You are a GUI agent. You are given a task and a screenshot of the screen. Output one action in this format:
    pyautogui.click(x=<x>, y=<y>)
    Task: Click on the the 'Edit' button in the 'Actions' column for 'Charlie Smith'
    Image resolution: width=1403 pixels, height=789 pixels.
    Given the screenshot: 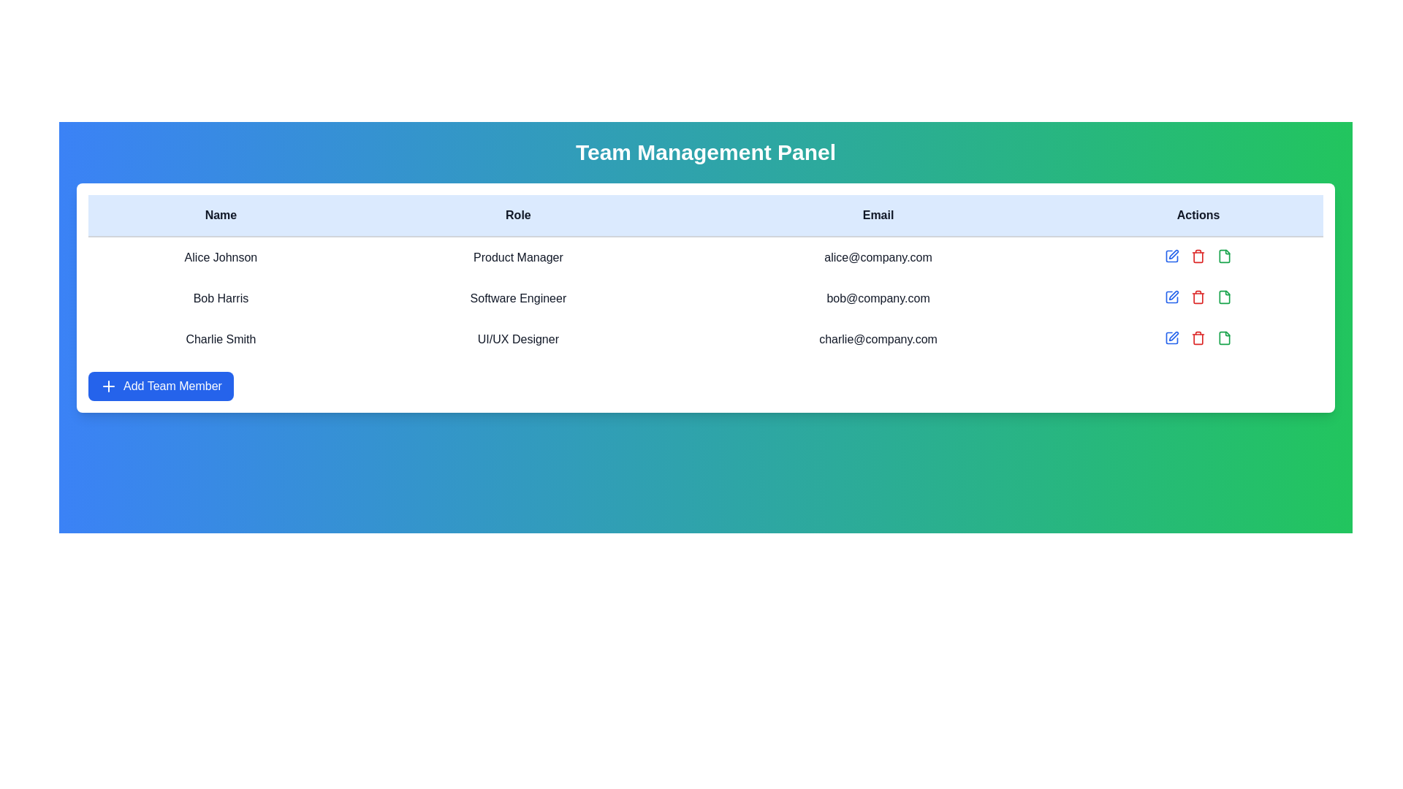 What is the action you would take?
    pyautogui.click(x=1171, y=338)
    